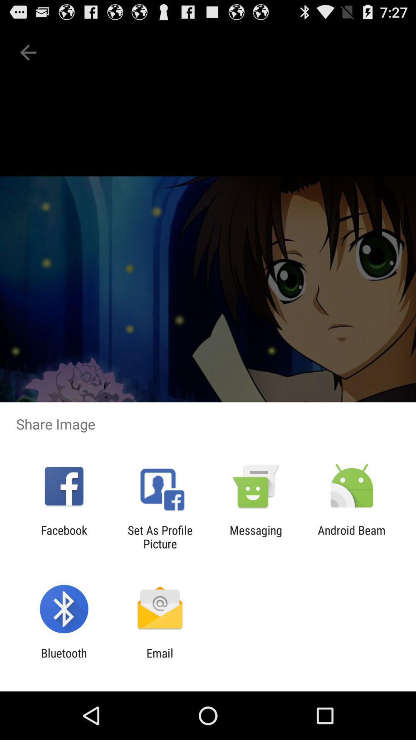 Image resolution: width=416 pixels, height=740 pixels. I want to click on bluetooth item, so click(64, 659).